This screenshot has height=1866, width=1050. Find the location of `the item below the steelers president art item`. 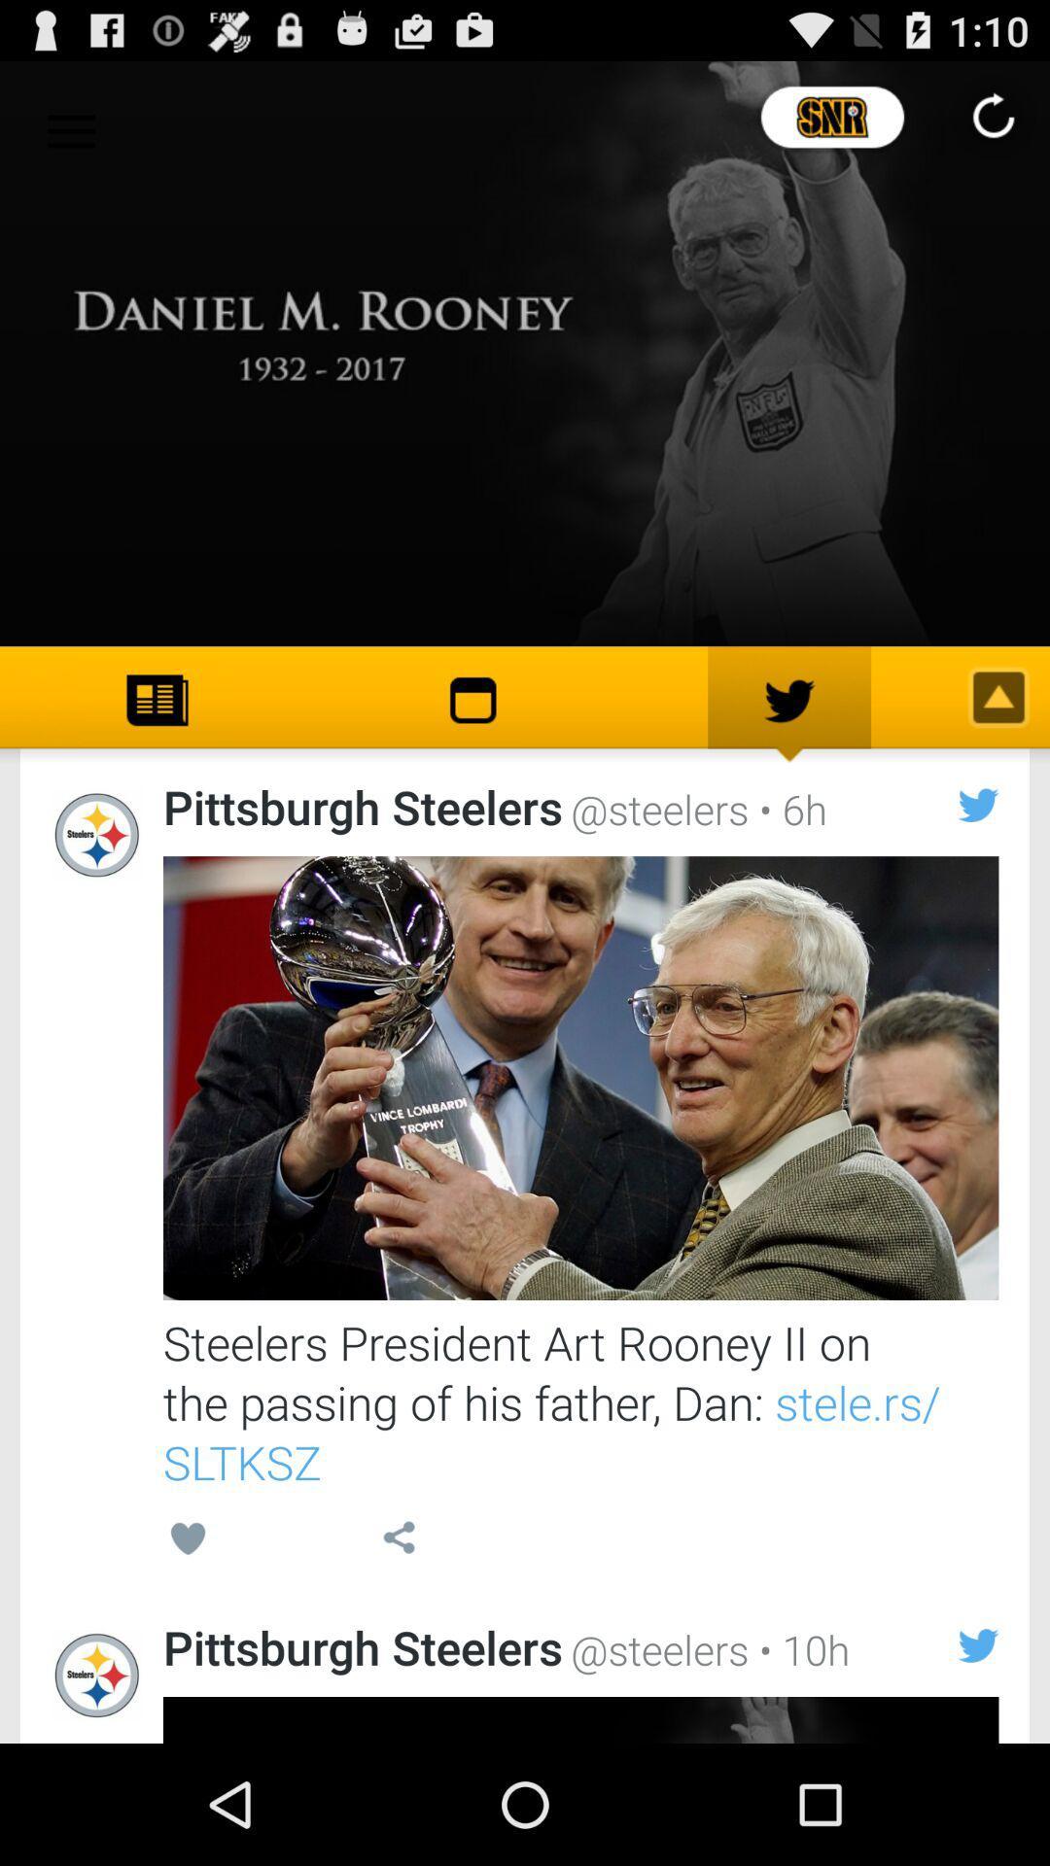

the item below the steelers president art item is located at coordinates (398, 1540).